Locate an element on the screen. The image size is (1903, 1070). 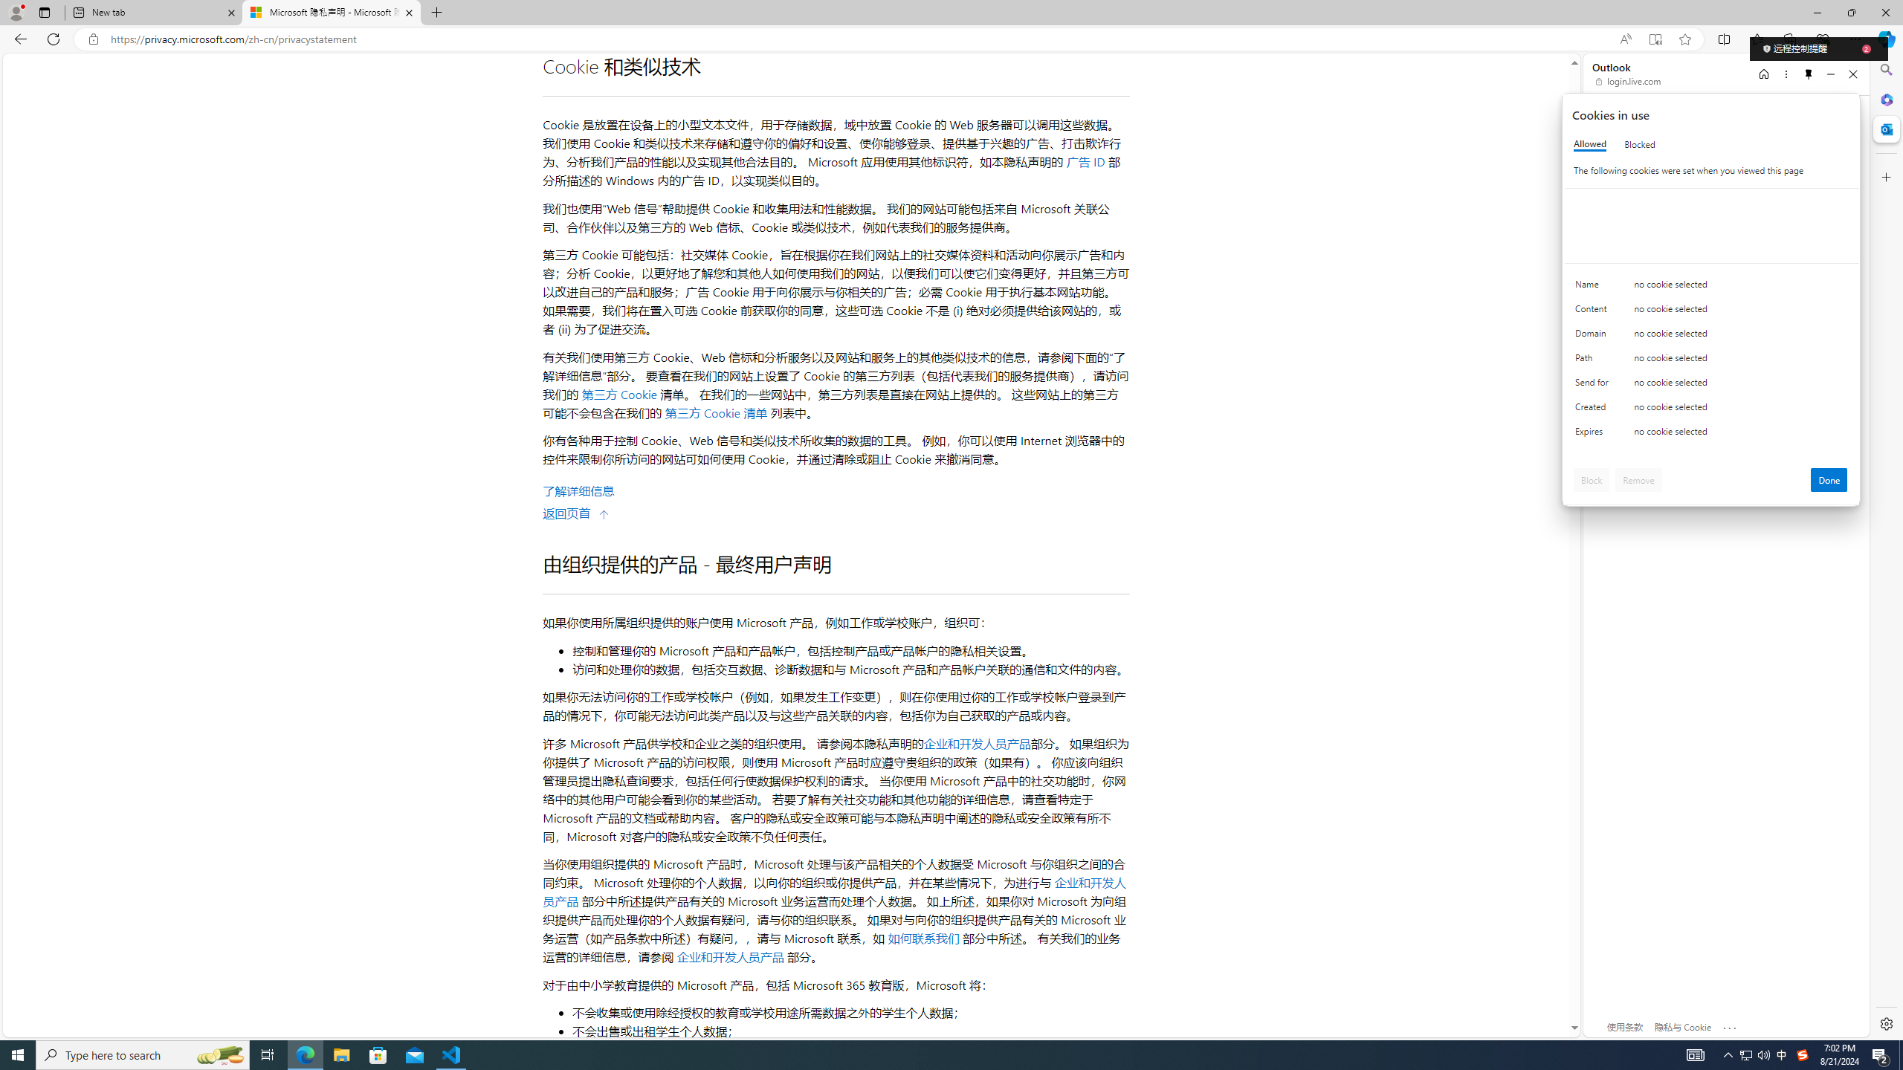
'Allowed' is located at coordinates (1589, 144).